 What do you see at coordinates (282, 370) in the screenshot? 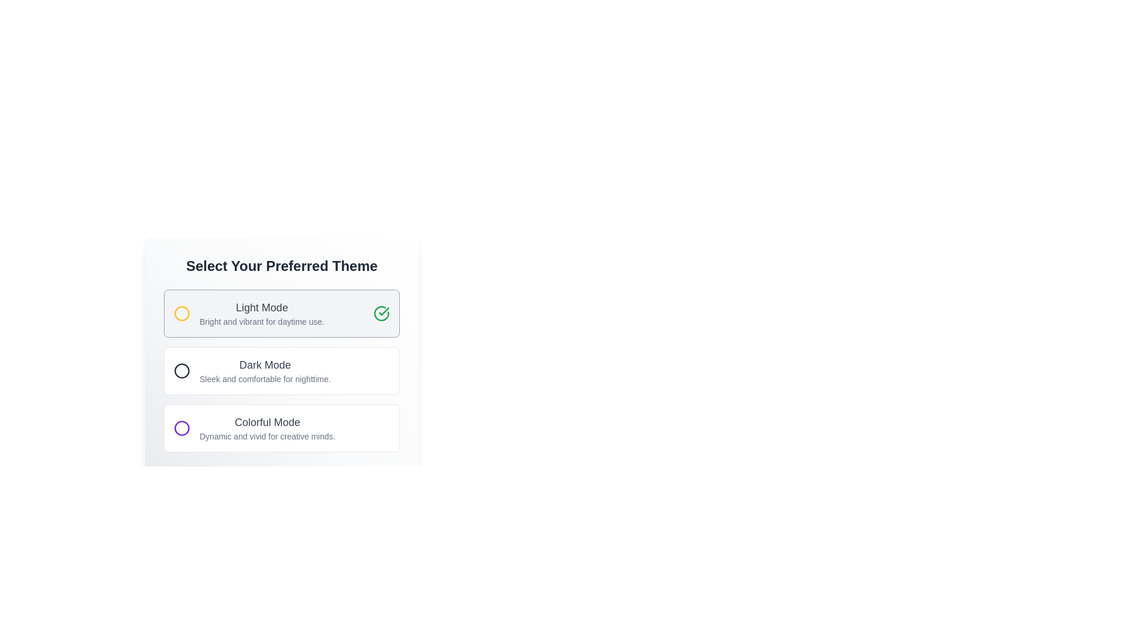
I see `the vertical list of selectable options for reordering, located centrally underneath the title 'Select Your Preferred Theme'` at bounding box center [282, 370].